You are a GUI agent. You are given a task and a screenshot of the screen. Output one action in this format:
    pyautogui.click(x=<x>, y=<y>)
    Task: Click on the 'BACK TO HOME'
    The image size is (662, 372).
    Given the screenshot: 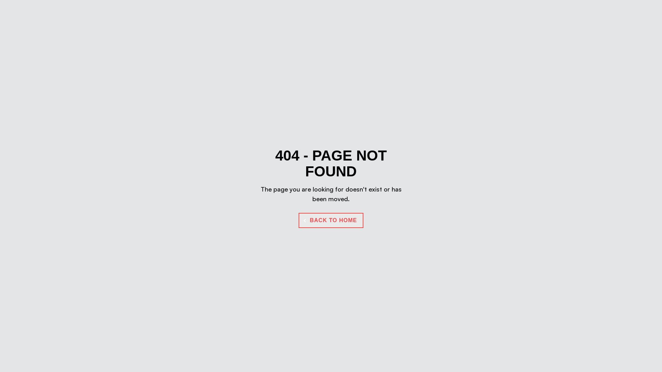 What is the action you would take?
    pyautogui.click(x=330, y=220)
    